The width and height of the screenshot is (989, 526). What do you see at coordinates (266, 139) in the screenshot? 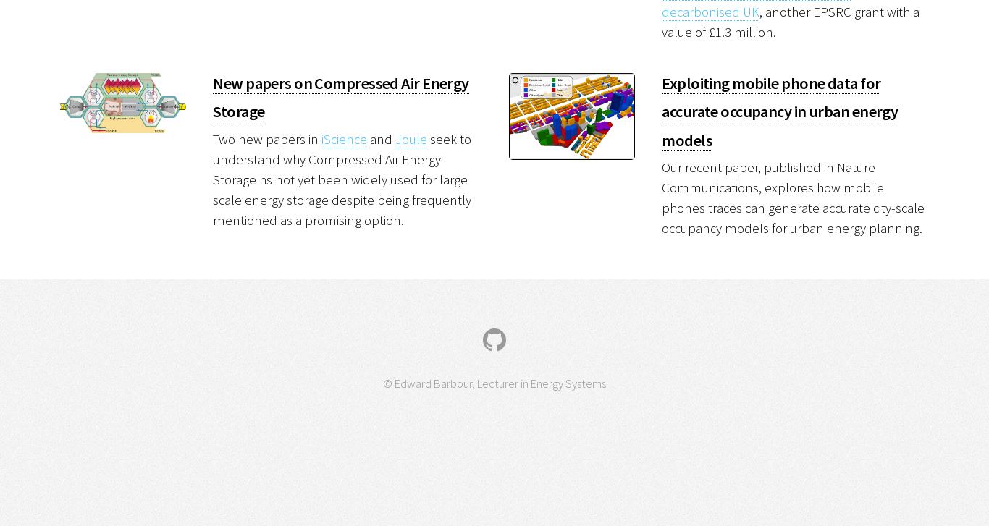
I see `'Two new papers in'` at bounding box center [266, 139].